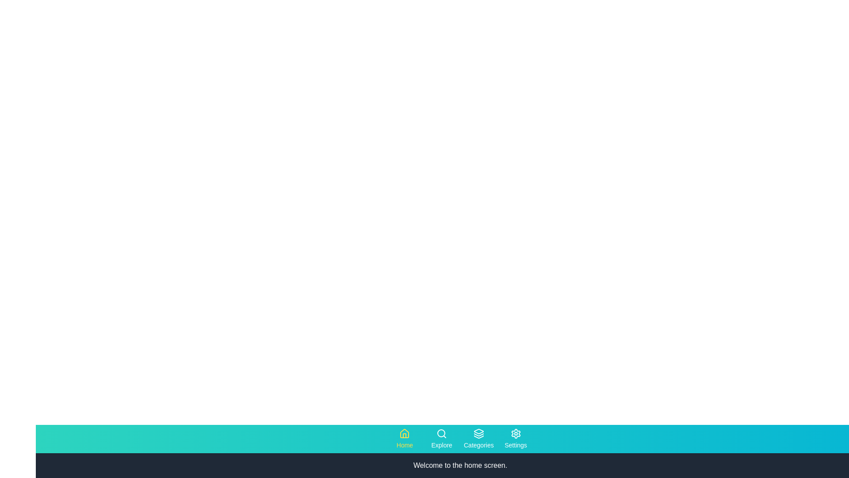  Describe the element at coordinates (442, 439) in the screenshot. I see `the text of the tab labeled Explore` at that location.